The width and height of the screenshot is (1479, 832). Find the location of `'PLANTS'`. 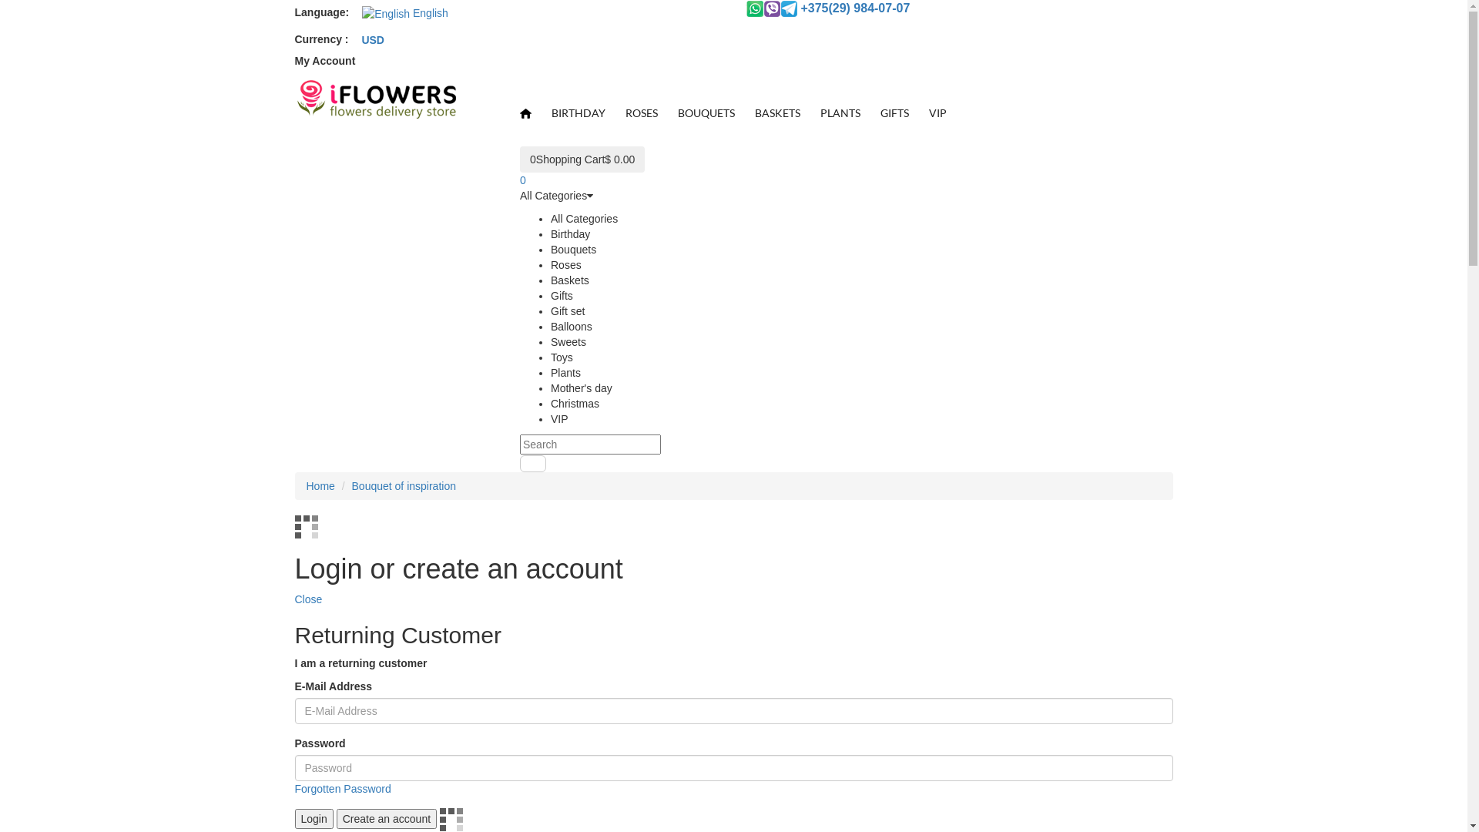

'PLANTS' is located at coordinates (839, 112).